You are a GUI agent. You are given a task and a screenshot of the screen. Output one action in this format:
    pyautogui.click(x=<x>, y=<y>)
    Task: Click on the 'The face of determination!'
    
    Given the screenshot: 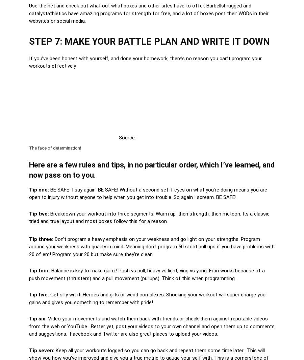 What is the action you would take?
    pyautogui.click(x=55, y=148)
    